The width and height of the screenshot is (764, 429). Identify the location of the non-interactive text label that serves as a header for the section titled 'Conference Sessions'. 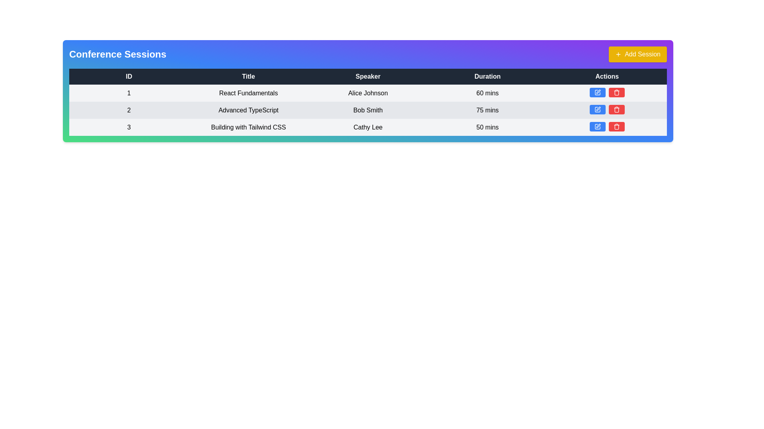
(117, 54).